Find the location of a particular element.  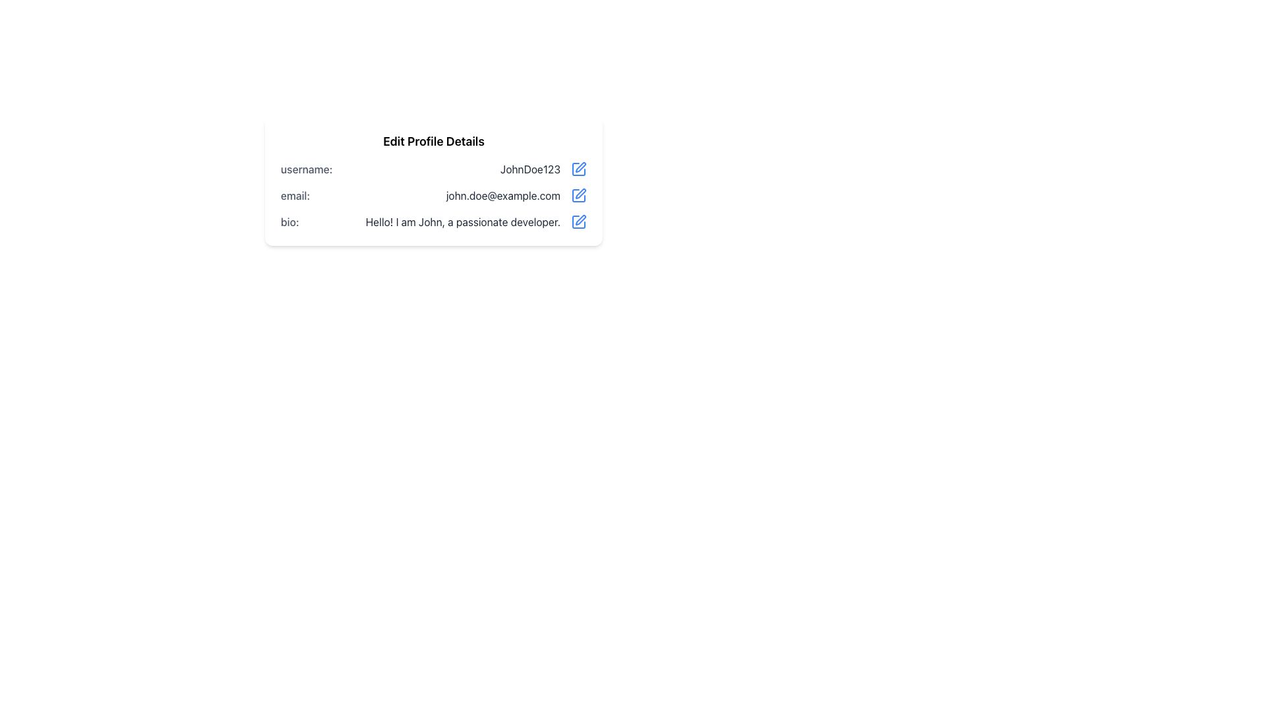

the text display element is located at coordinates (475, 221).